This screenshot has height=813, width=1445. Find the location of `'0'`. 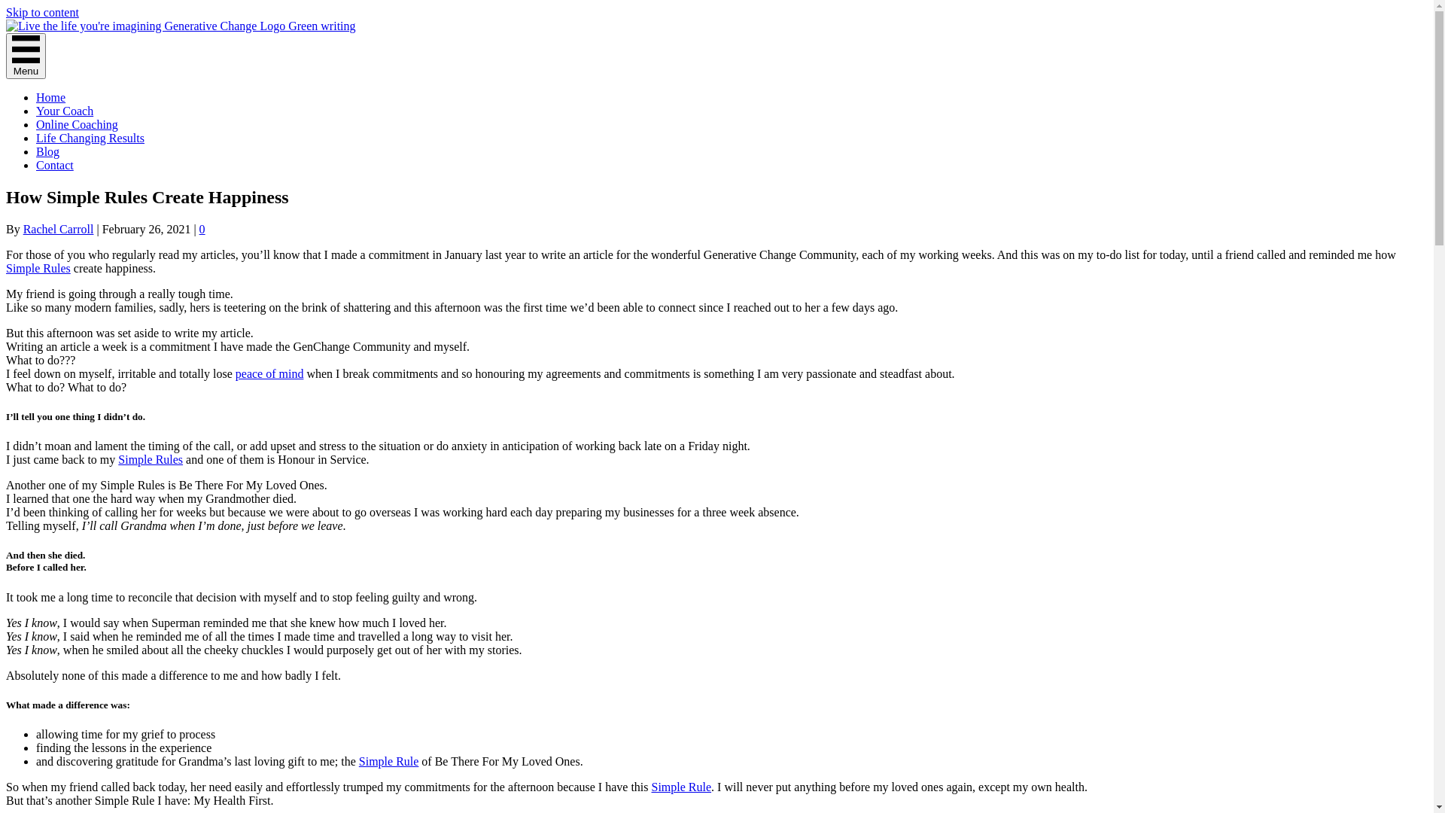

'0' is located at coordinates (201, 229).